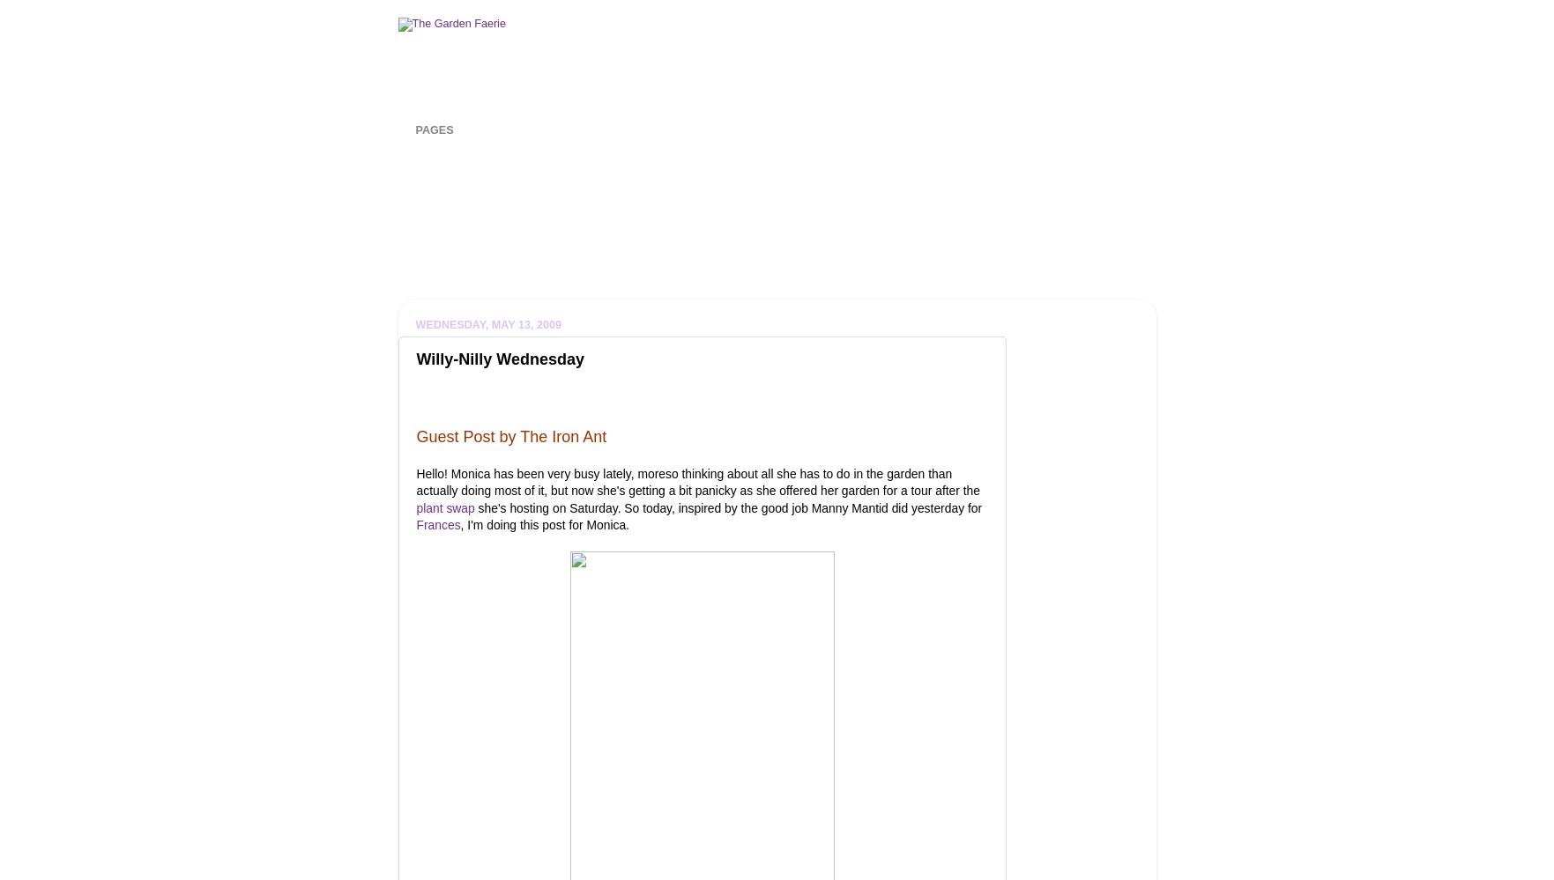 The image size is (1554, 880). Describe the element at coordinates (487, 189) in the screenshot. I see `'Gardening for Cats'` at that location.